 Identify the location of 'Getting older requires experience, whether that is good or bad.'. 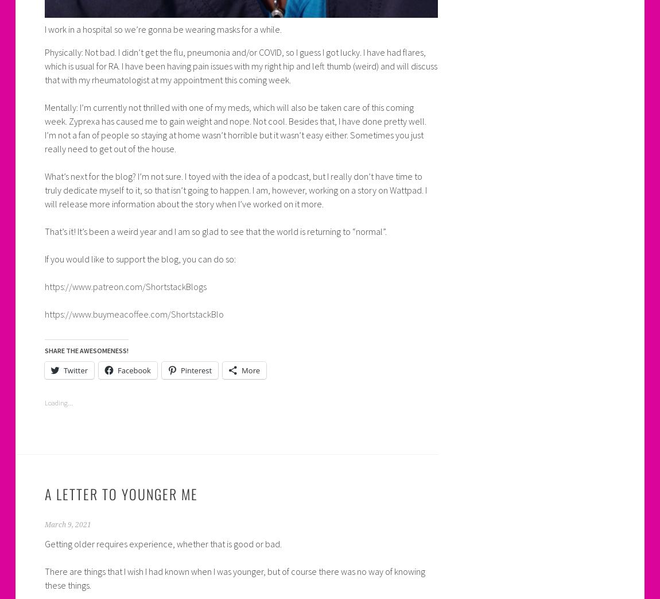
(162, 543).